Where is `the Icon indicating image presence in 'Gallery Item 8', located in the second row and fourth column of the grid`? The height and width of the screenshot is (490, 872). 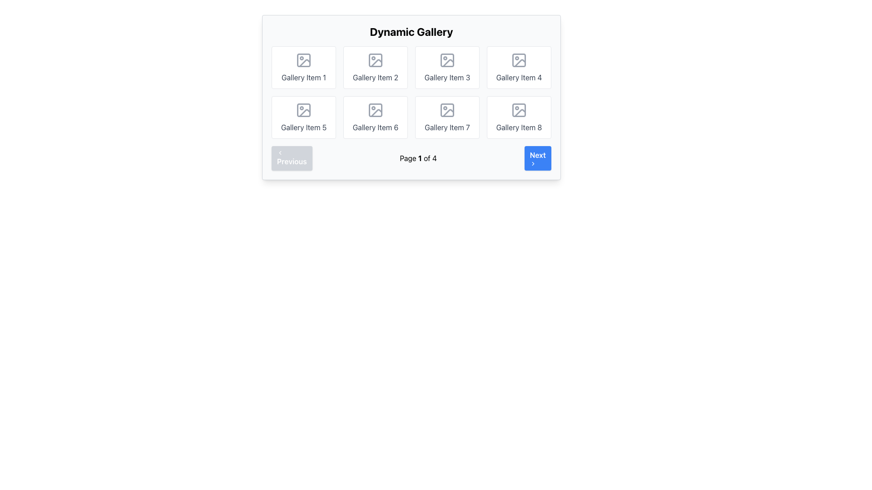 the Icon indicating image presence in 'Gallery Item 8', located in the second row and fourth column of the grid is located at coordinates (519, 110).